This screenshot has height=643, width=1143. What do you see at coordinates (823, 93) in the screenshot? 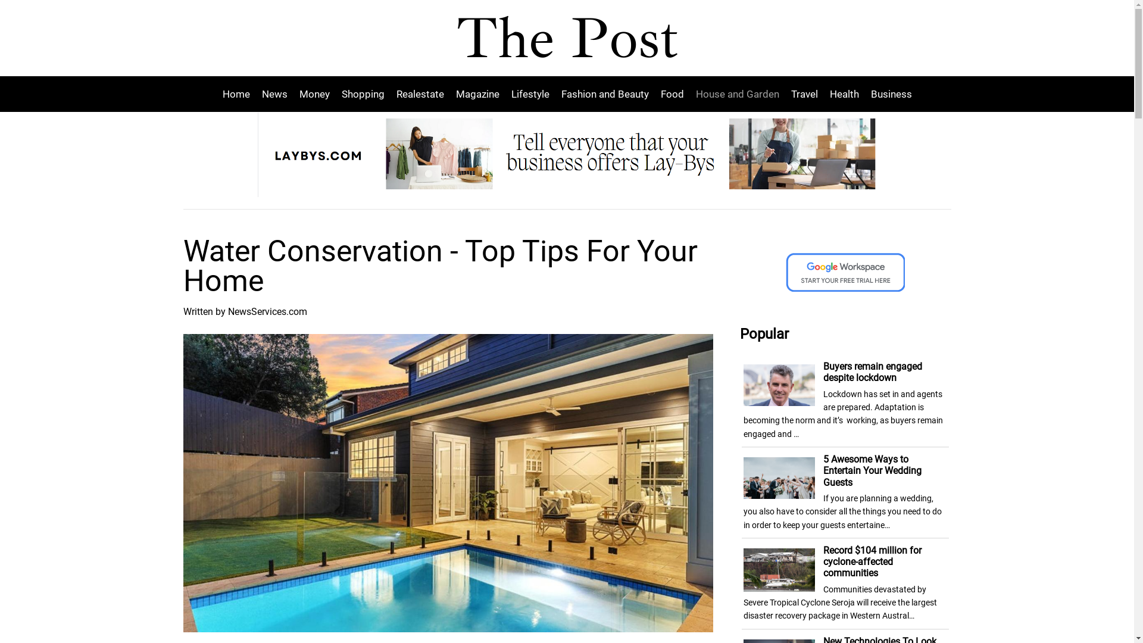
I see `'Health'` at bounding box center [823, 93].